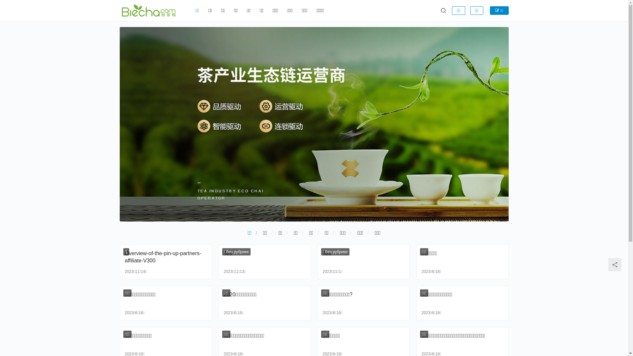  What do you see at coordinates (166, 256) in the screenshot?
I see `'Overview-of-the-pin-up-partners-affiliate-V300'` at bounding box center [166, 256].